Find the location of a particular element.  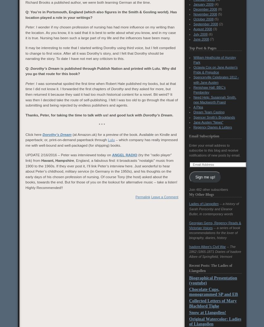

'Thanks, Peter, for taking the time to talk with us! and good luck with' is located at coordinates (84, 114).